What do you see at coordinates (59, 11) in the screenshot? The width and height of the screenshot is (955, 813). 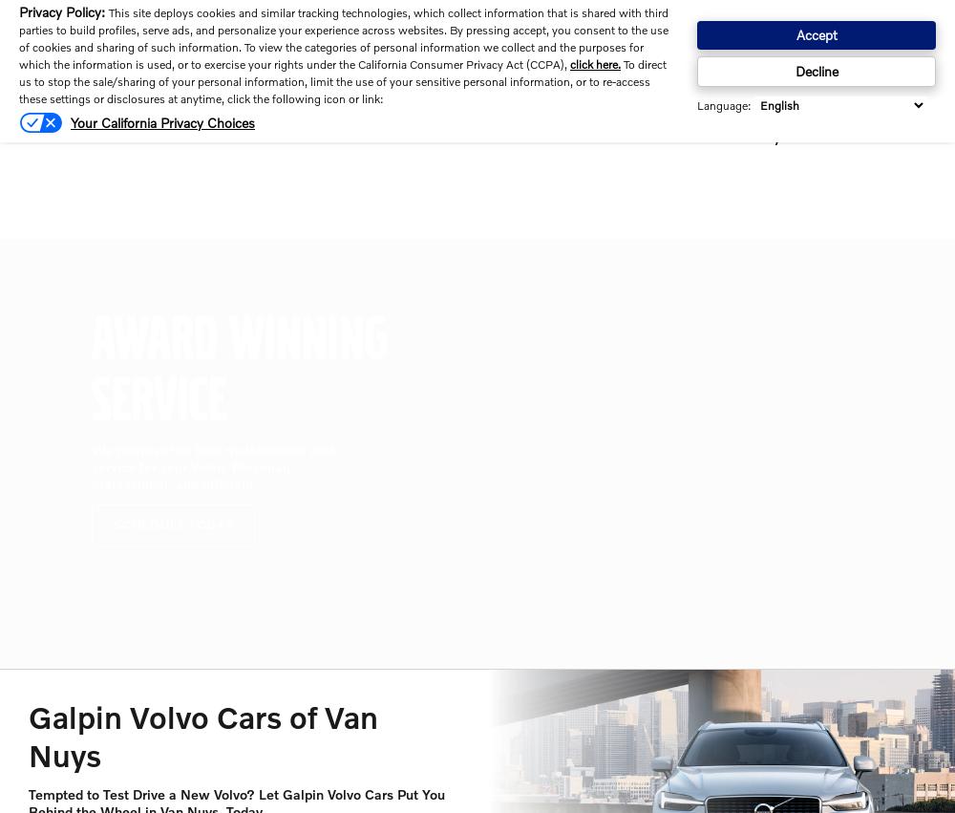 I see `'Privacy Policy'` at bounding box center [59, 11].